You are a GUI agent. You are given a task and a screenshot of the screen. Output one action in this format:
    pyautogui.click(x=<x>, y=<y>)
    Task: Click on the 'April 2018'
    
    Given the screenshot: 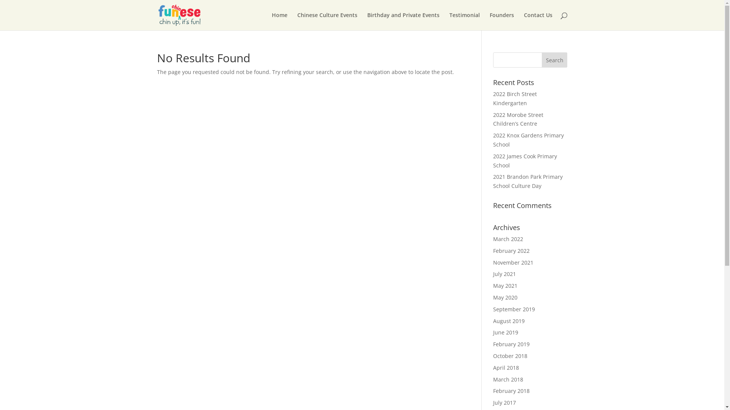 What is the action you would take?
    pyautogui.click(x=506, y=367)
    